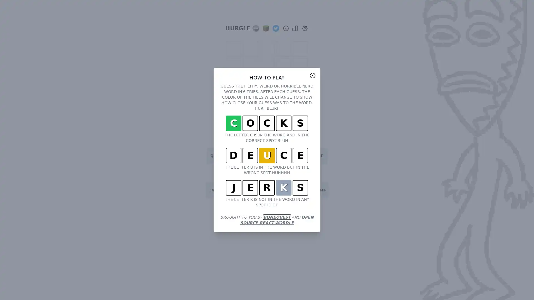  I want to click on B, so click(279, 190).